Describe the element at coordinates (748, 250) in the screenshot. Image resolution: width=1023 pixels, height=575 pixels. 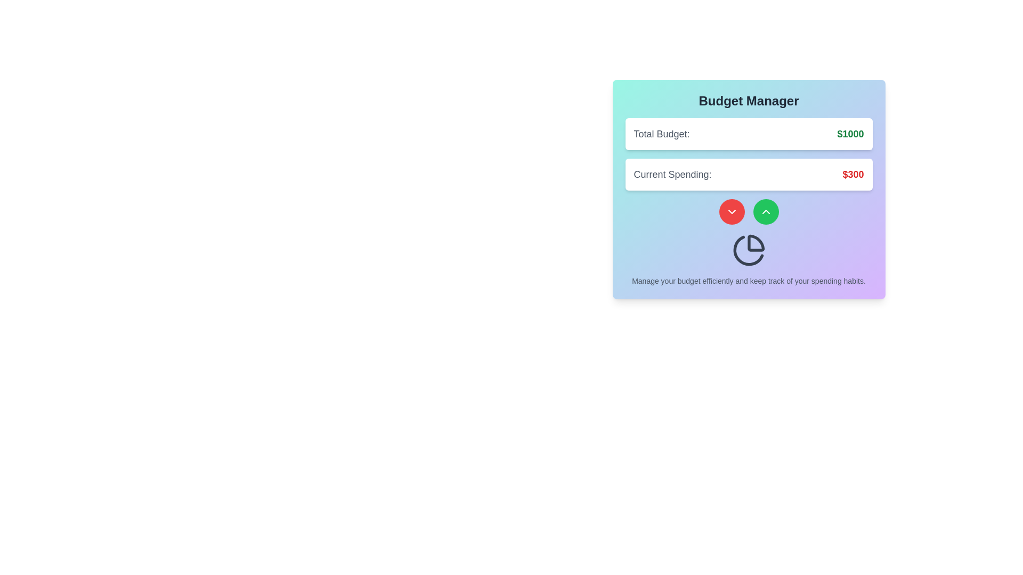
I see `the charting icon located below the up and down arrows in the 'Budget Manager' interface` at that location.